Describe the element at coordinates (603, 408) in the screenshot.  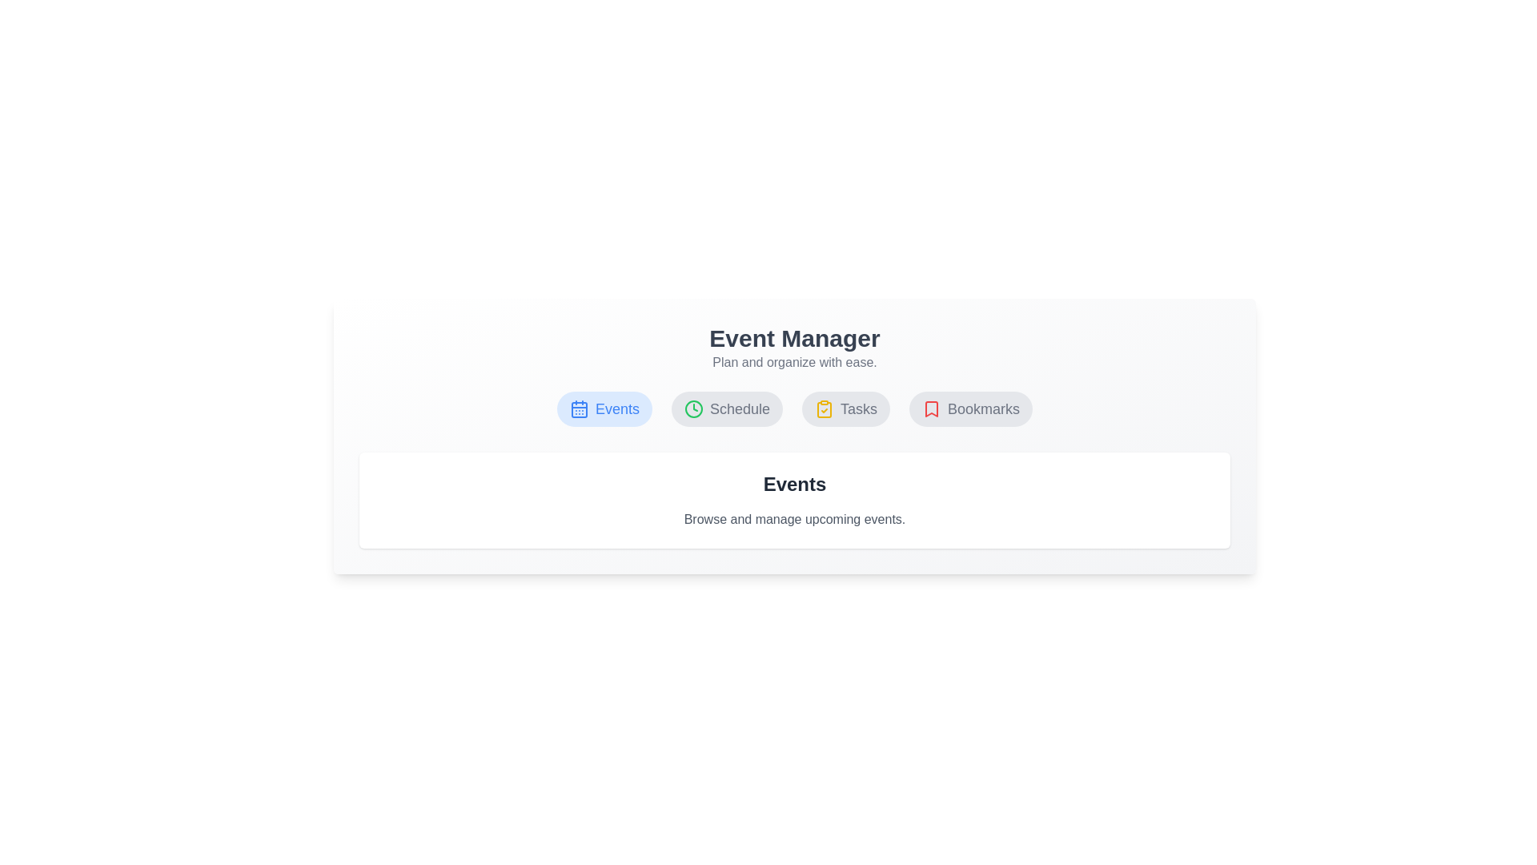
I see `the tab labeled Events` at that location.